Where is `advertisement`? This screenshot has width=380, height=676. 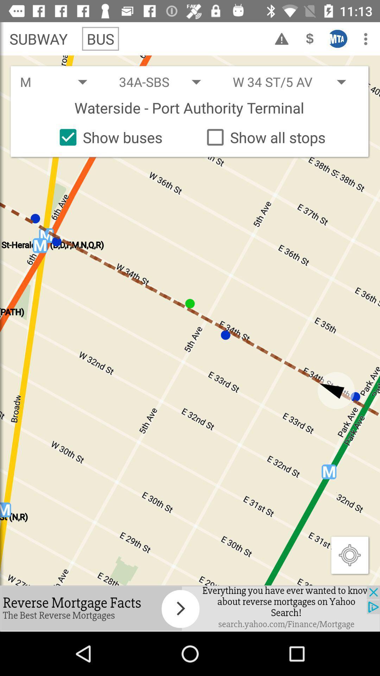 advertisement is located at coordinates (190, 608).